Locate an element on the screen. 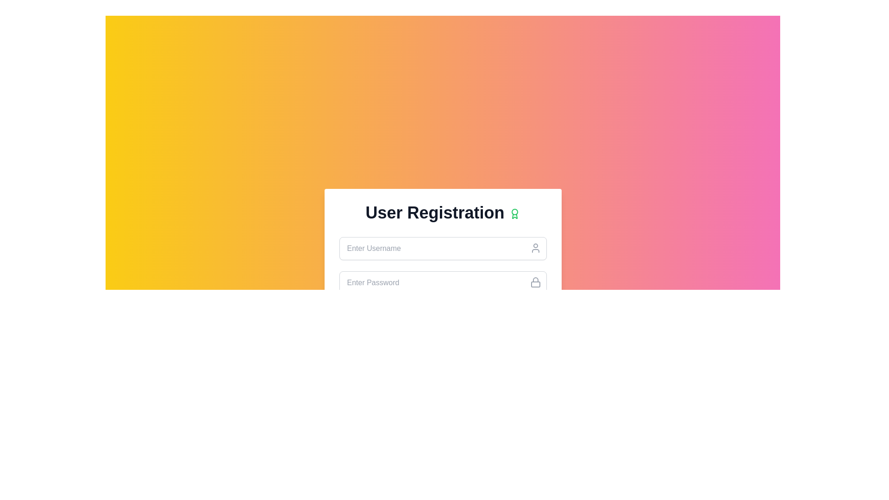  the decorative icon located to the right of the 'User Registration' title in the header section of the interface is located at coordinates (514, 214).